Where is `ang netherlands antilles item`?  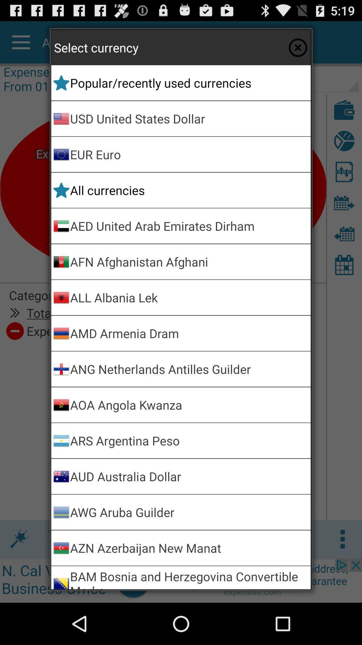
ang netherlands antilles item is located at coordinates (189, 369).